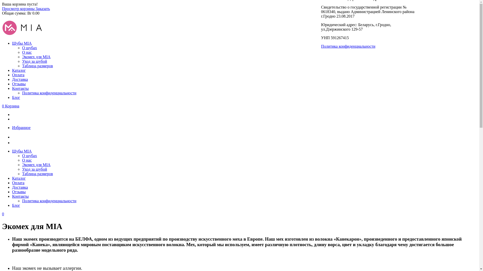 Image resolution: width=483 pixels, height=271 pixels. I want to click on '0', so click(3, 214).